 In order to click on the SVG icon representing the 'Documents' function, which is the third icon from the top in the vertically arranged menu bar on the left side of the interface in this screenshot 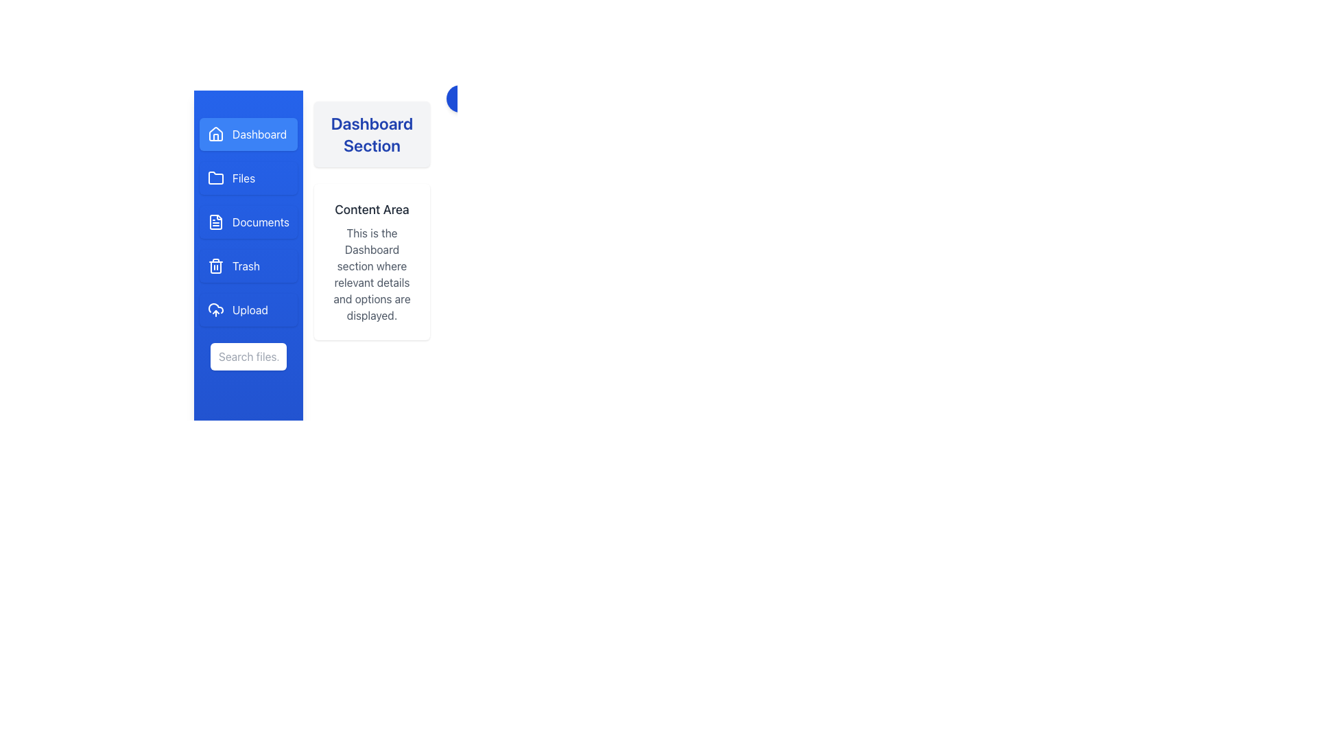, I will do `click(215, 222)`.